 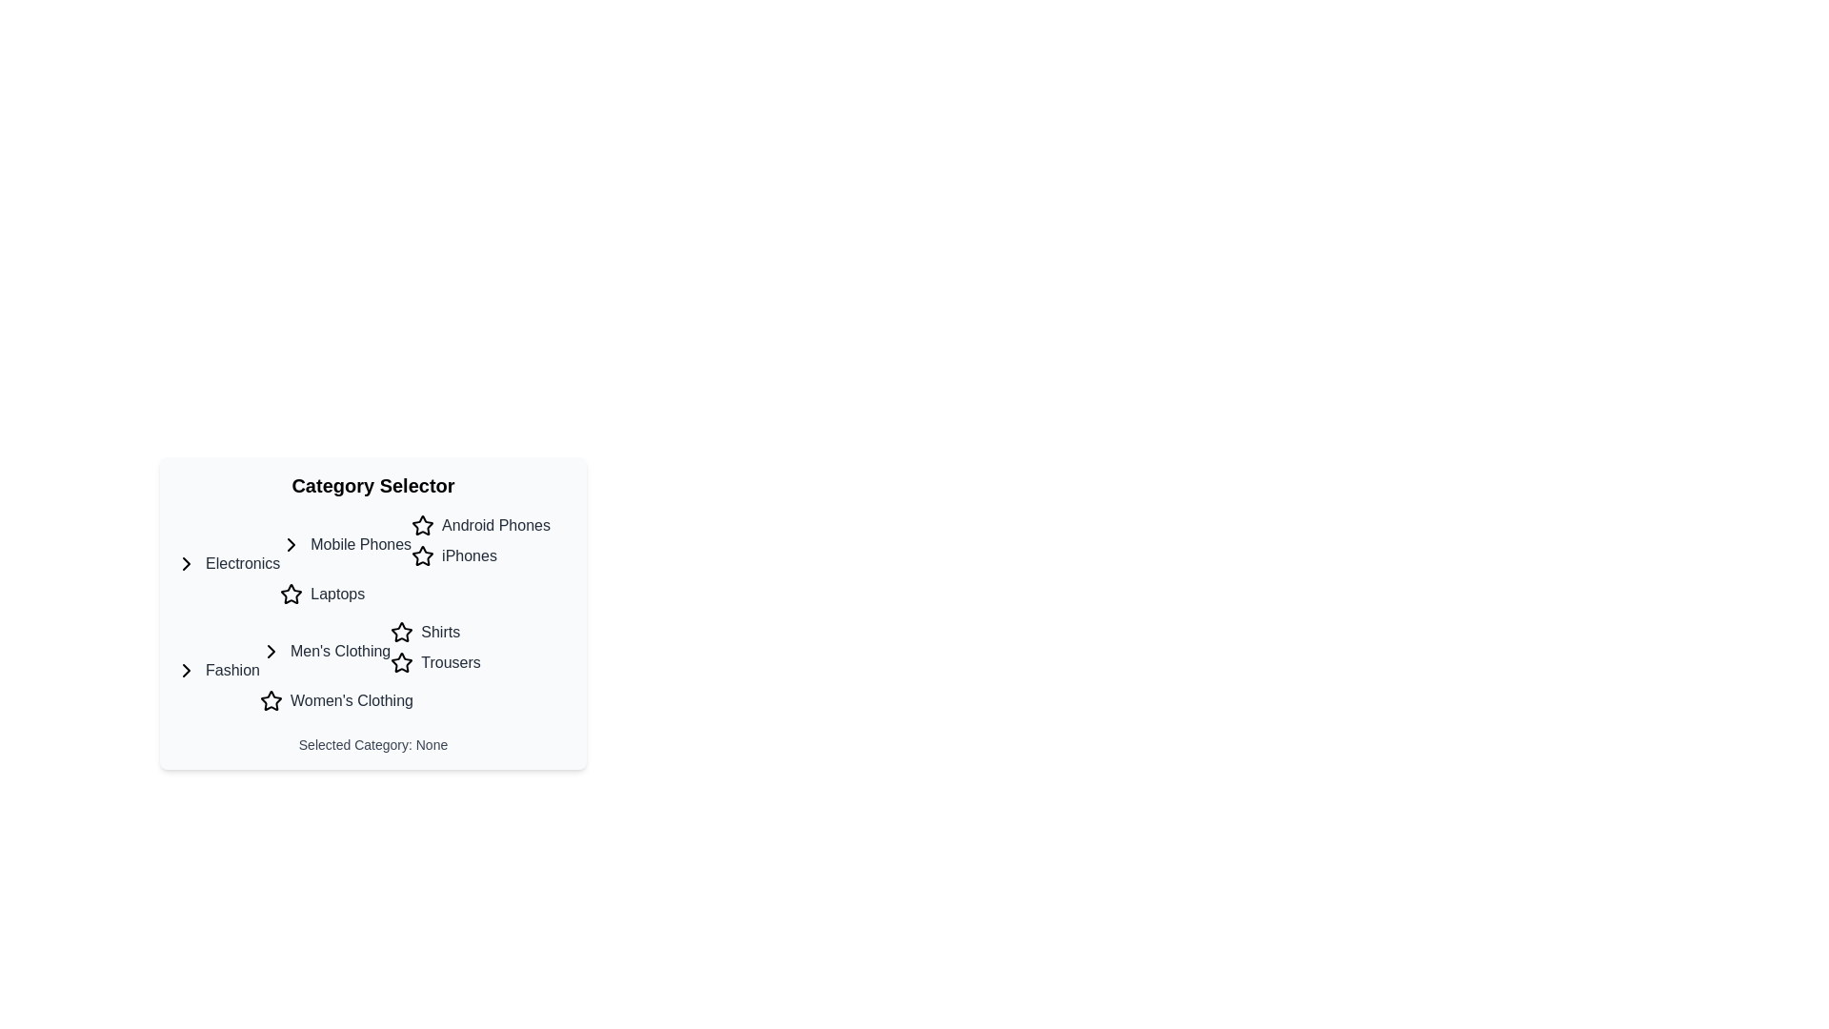 I want to click on the star icon located beside the 'Trousers' label under the 'Men's Clothing' category, so click(x=401, y=660).